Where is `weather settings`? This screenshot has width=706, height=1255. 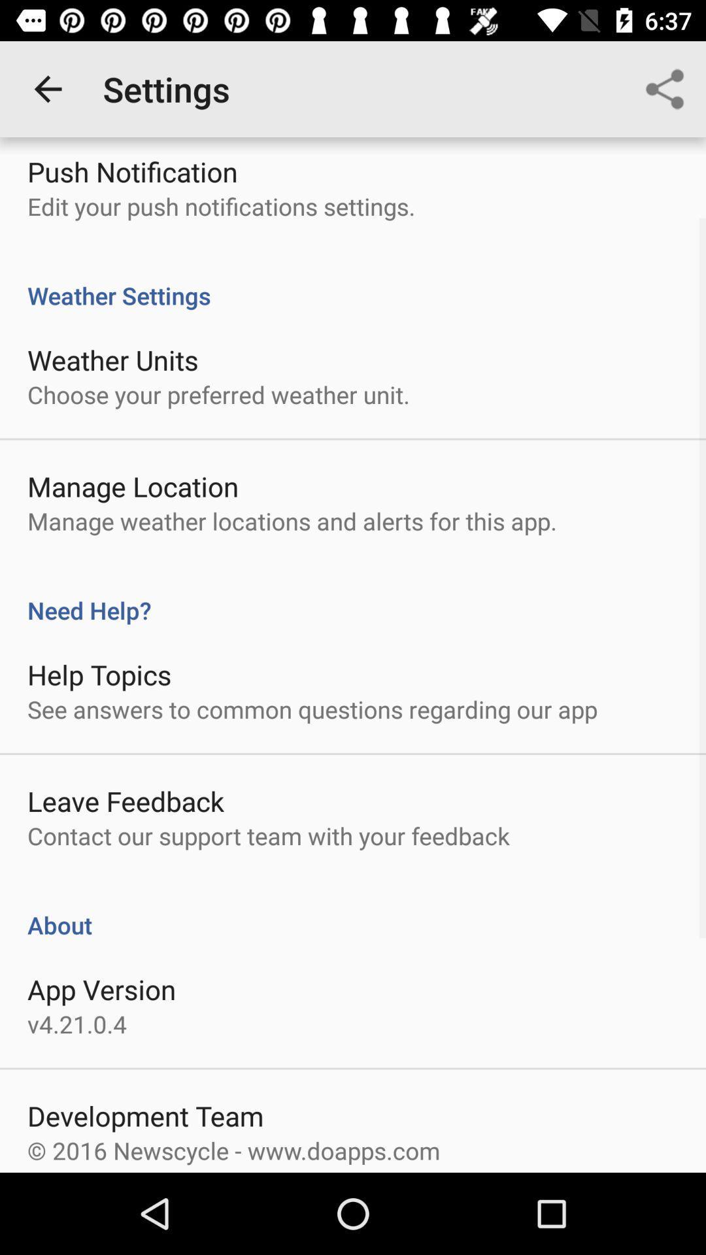 weather settings is located at coordinates (353, 281).